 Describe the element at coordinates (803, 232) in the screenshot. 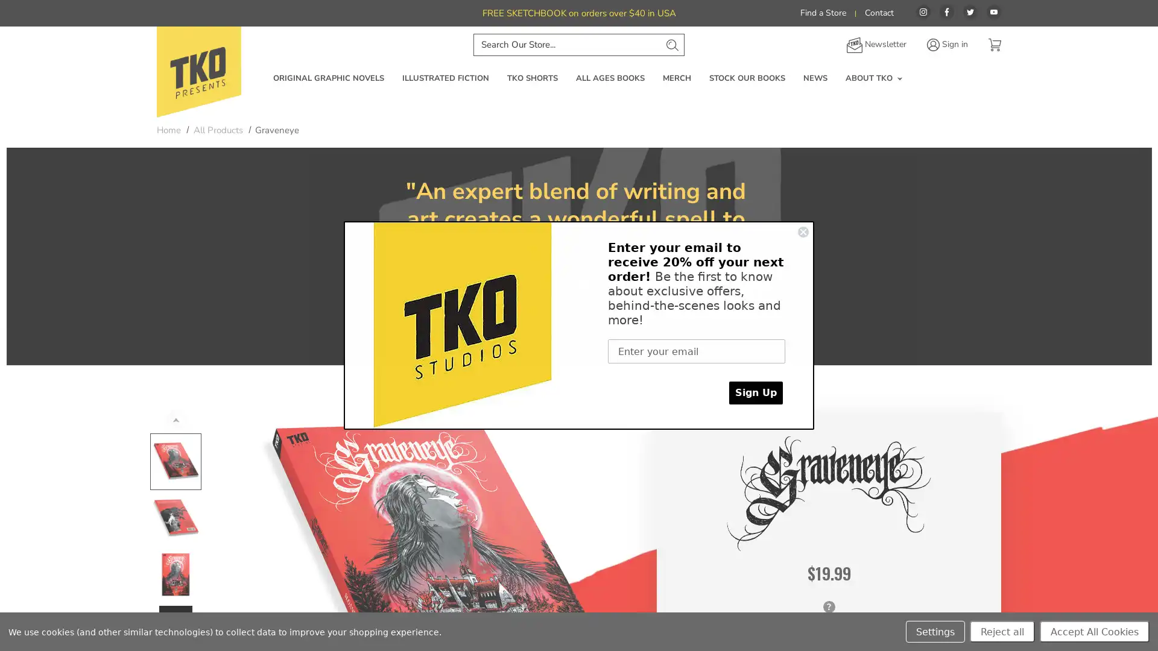

I see `Close form` at that location.